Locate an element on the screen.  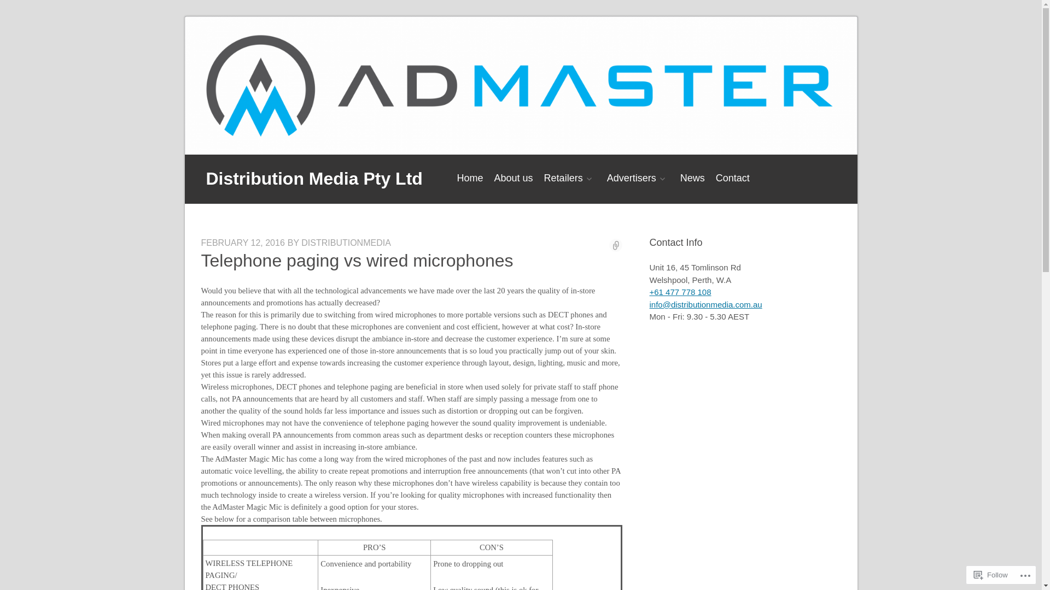
'Advertisers' is located at coordinates (638, 178).